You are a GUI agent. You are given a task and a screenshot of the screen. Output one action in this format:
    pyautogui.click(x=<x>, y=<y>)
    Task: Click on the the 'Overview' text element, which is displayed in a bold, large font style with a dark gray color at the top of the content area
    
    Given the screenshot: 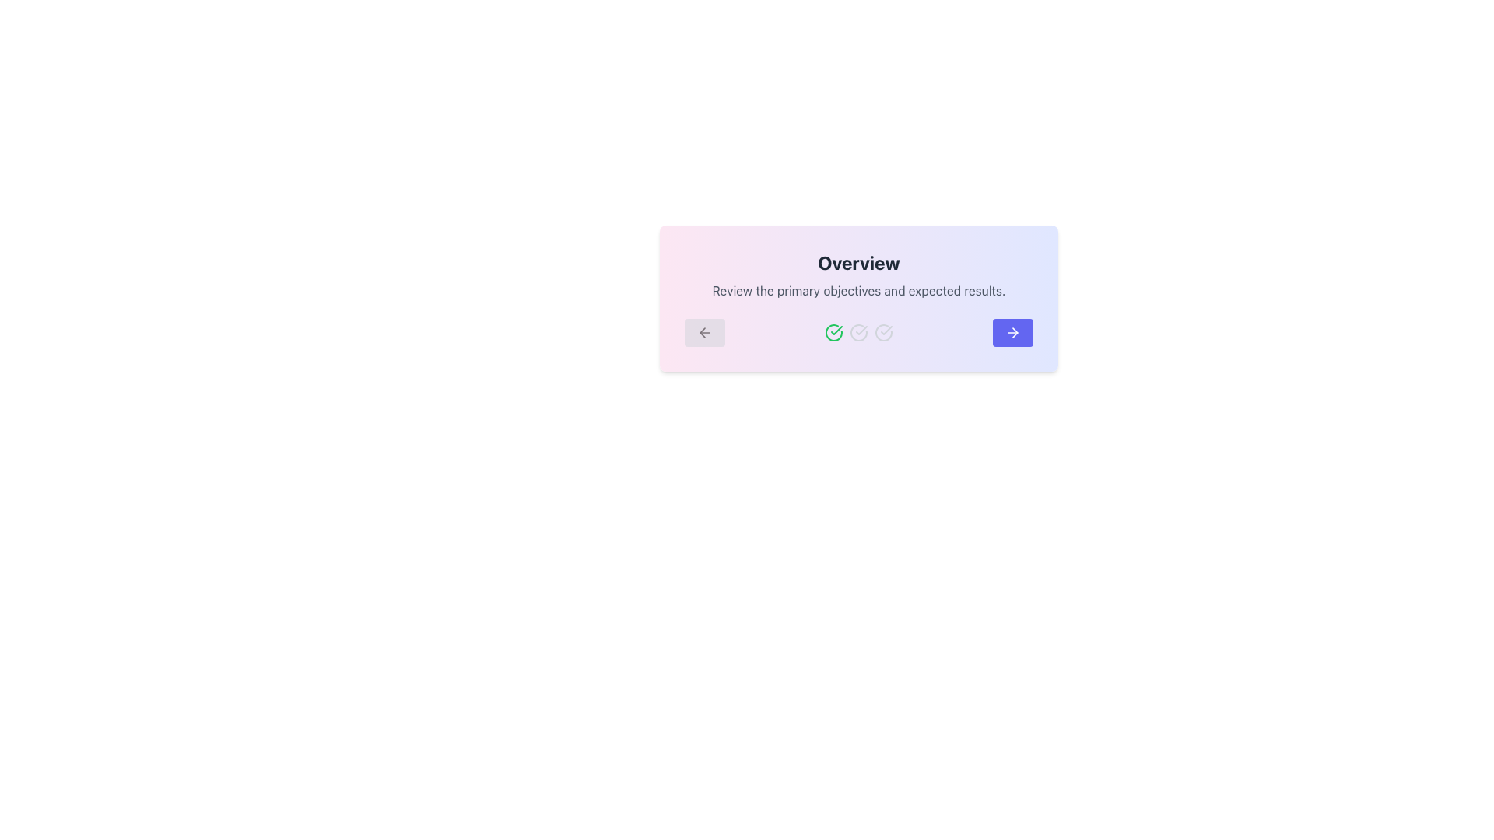 What is the action you would take?
    pyautogui.click(x=858, y=262)
    